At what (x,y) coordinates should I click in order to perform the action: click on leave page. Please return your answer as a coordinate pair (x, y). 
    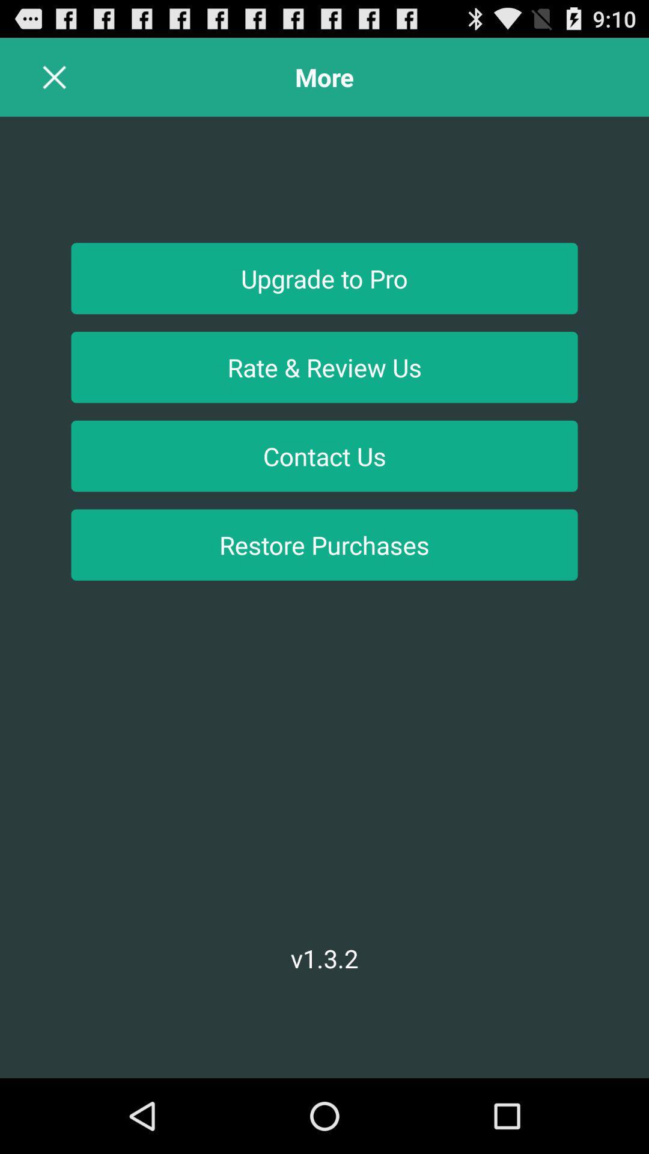
    Looking at the image, I should click on (55, 76).